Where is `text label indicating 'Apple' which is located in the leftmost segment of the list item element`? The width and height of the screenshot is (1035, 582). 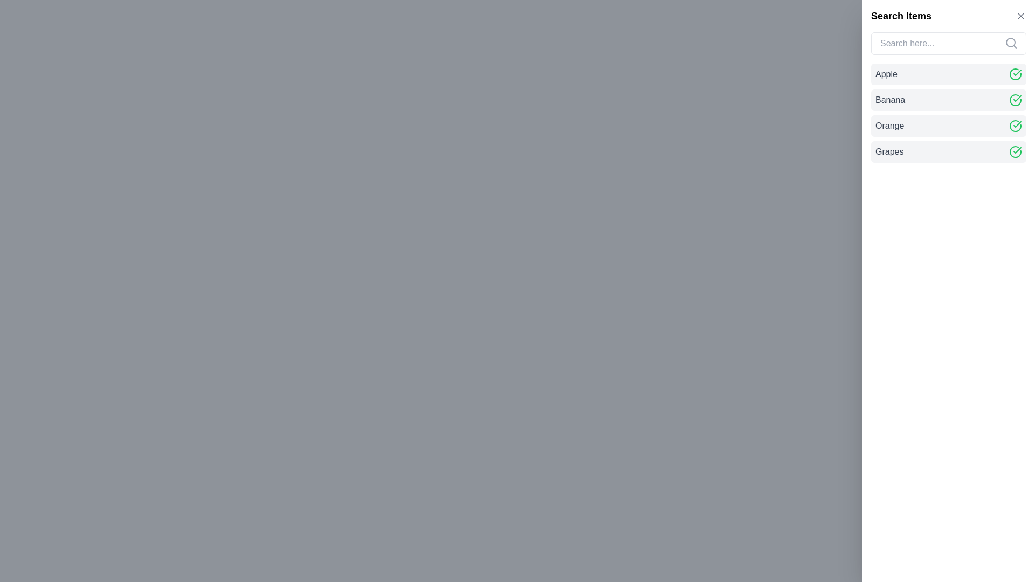
text label indicating 'Apple' which is located in the leftmost segment of the list item element is located at coordinates (886, 74).